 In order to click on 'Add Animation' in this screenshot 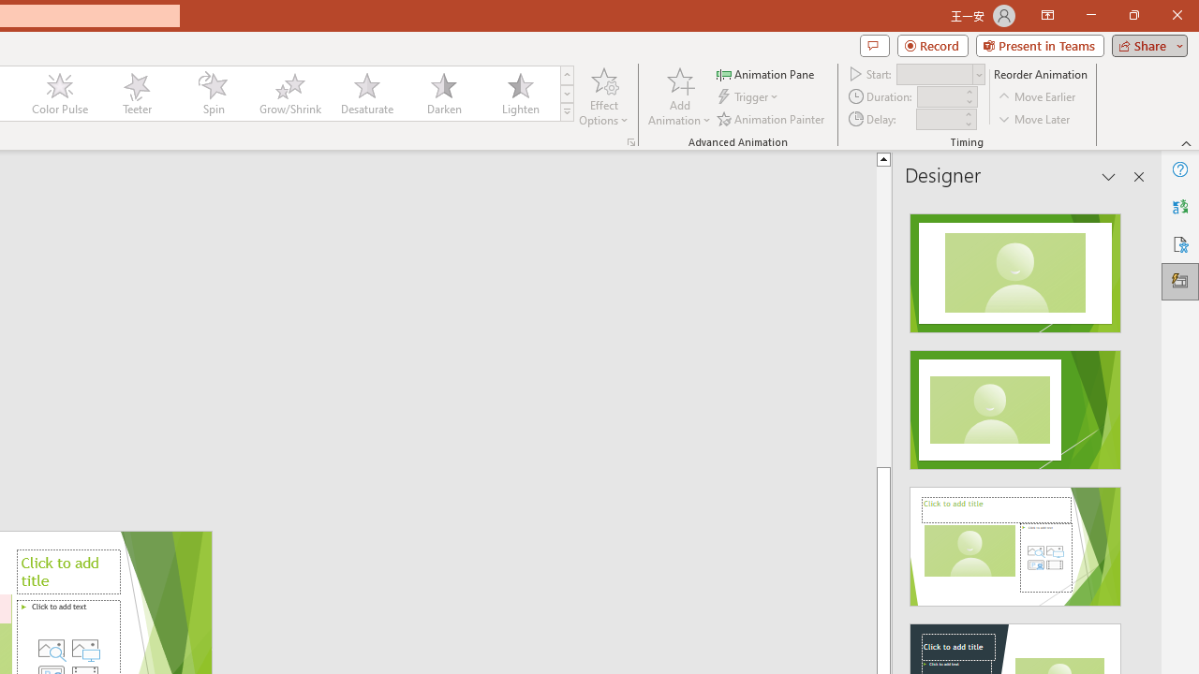, I will do `click(678, 96)`.